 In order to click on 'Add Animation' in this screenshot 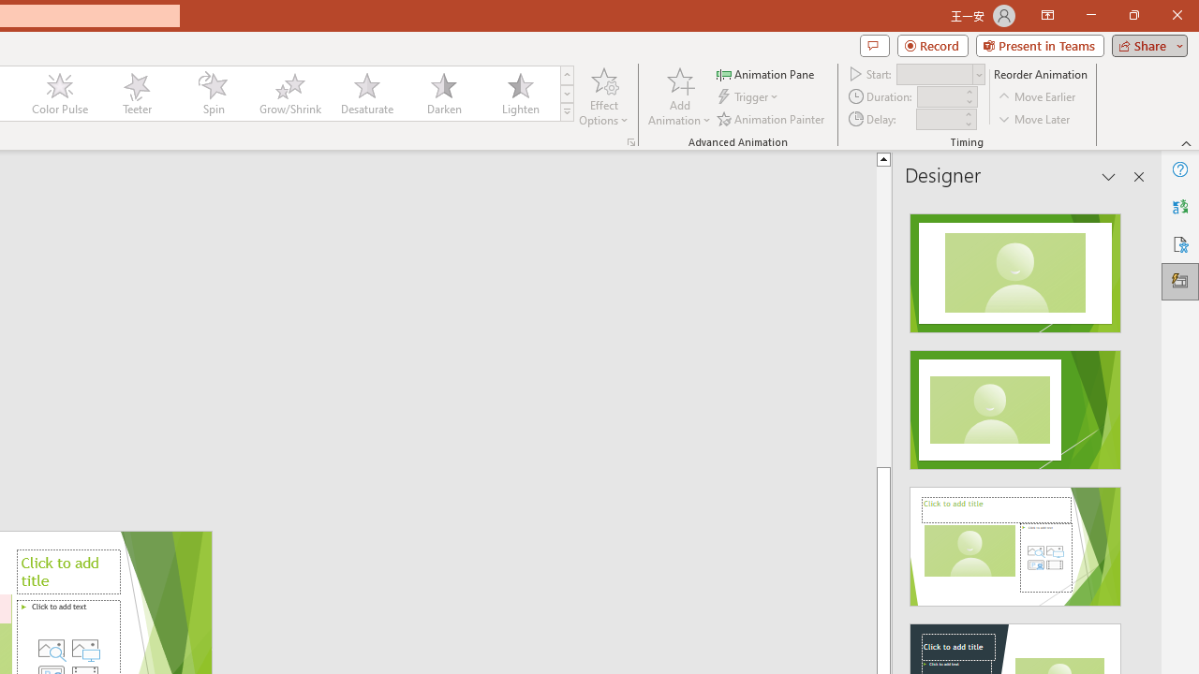, I will do `click(678, 96)`.